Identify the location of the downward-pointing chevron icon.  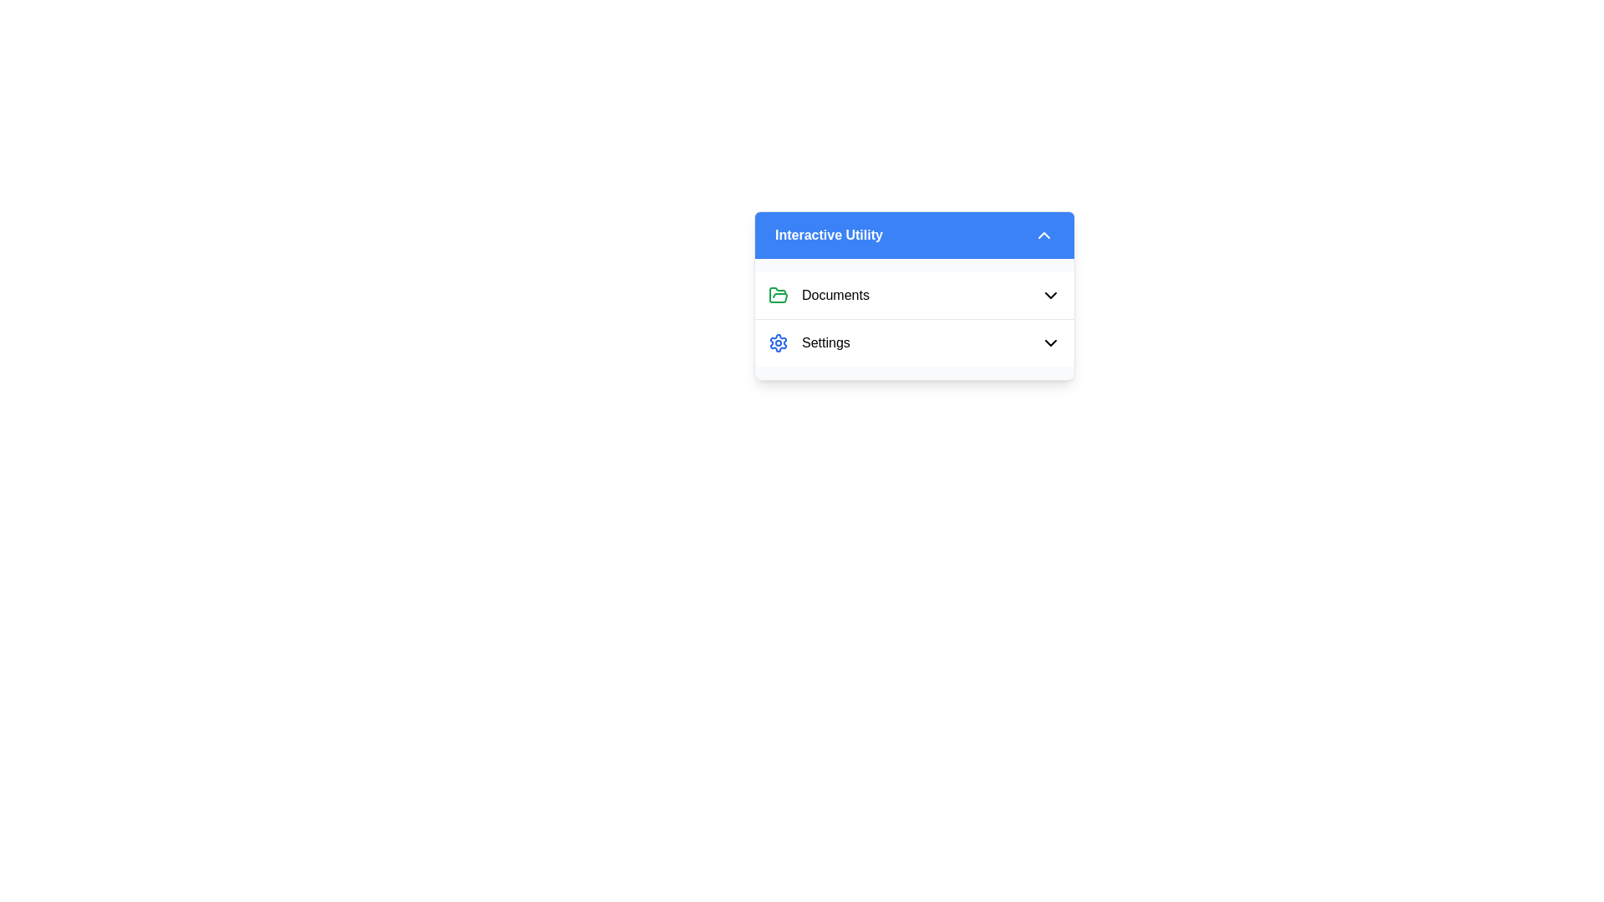
(1049, 342).